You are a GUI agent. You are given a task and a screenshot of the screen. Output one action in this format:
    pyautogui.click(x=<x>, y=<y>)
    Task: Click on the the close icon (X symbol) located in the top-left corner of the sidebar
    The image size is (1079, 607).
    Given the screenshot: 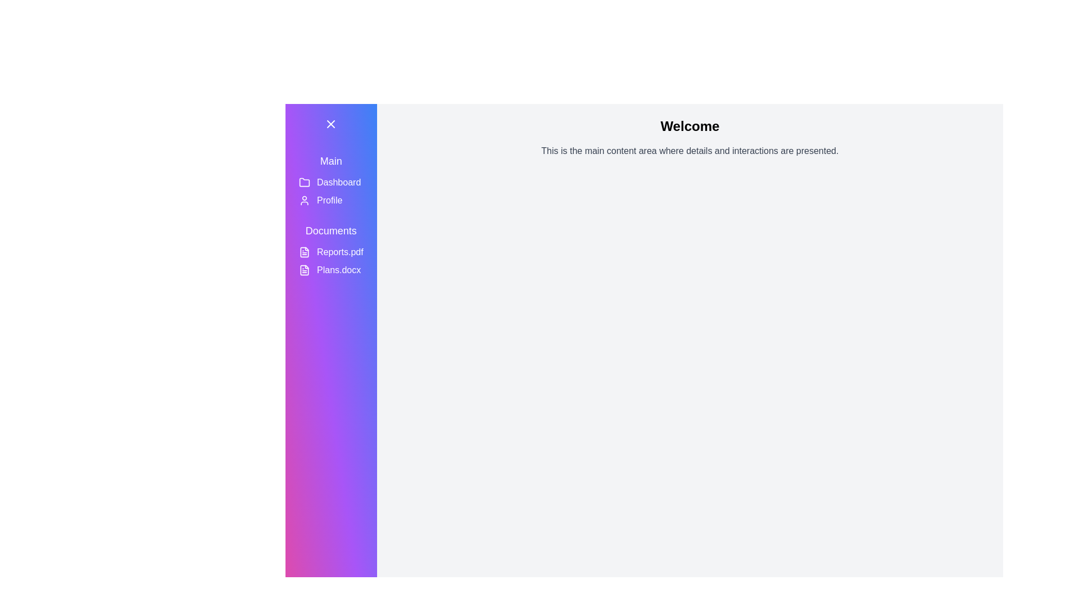 What is the action you would take?
    pyautogui.click(x=330, y=124)
    